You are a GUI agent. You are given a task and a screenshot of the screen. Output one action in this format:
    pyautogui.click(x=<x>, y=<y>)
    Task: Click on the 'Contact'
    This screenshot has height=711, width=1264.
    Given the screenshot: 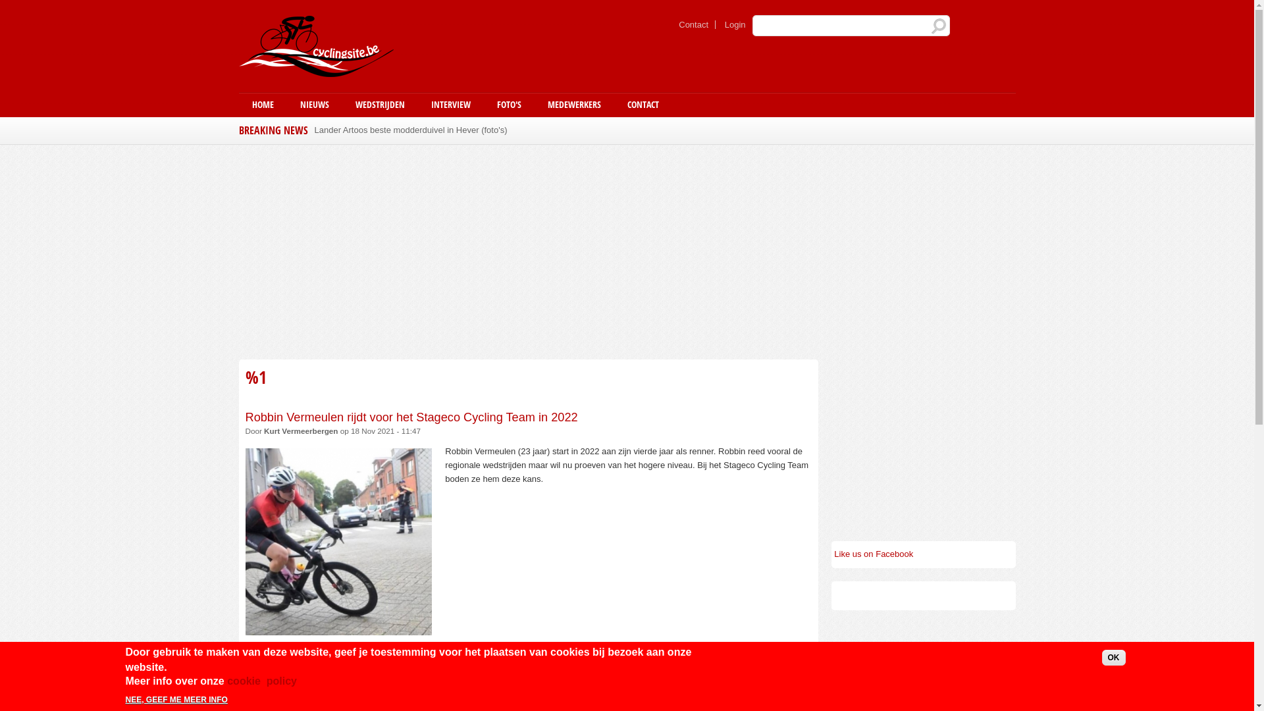 What is the action you would take?
    pyautogui.click(x=693, y=24)
    